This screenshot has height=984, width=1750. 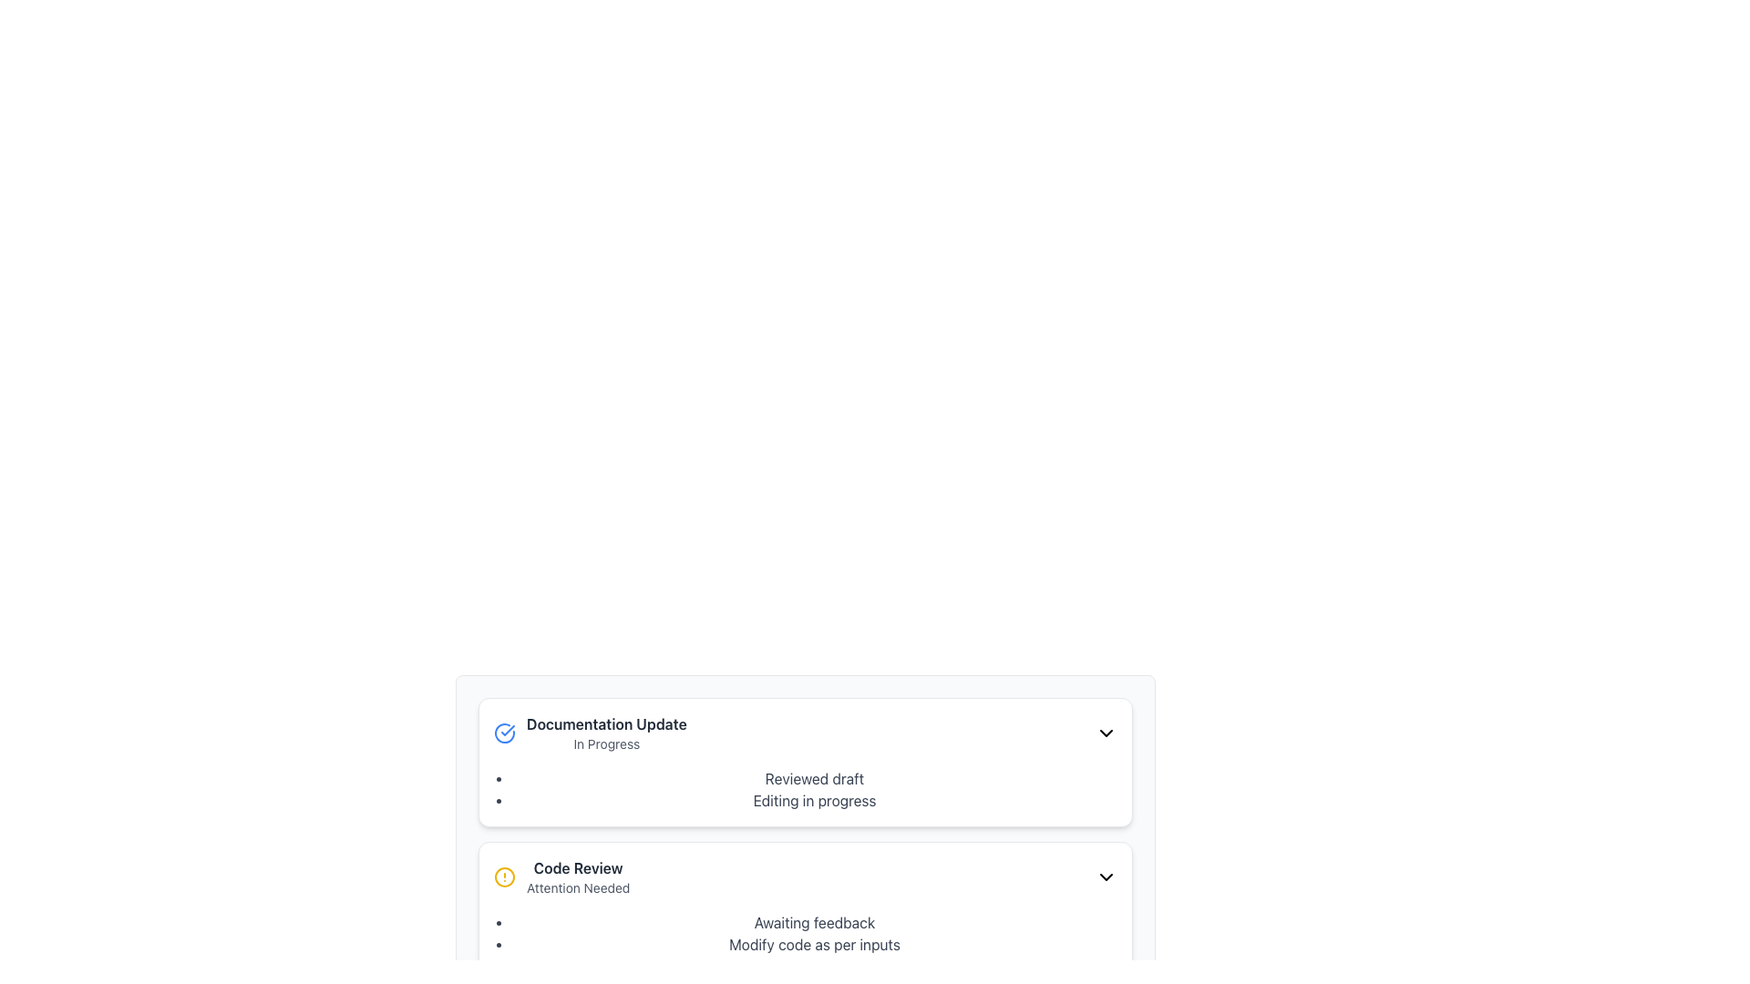 What do you see at coordinates (813, 800) in the screenshot?
I see `the text display element that shows 'Editing in progress', which is the second item in the bulleted list under the heading 'Documentation Update'` at bounding box center [813, 800].